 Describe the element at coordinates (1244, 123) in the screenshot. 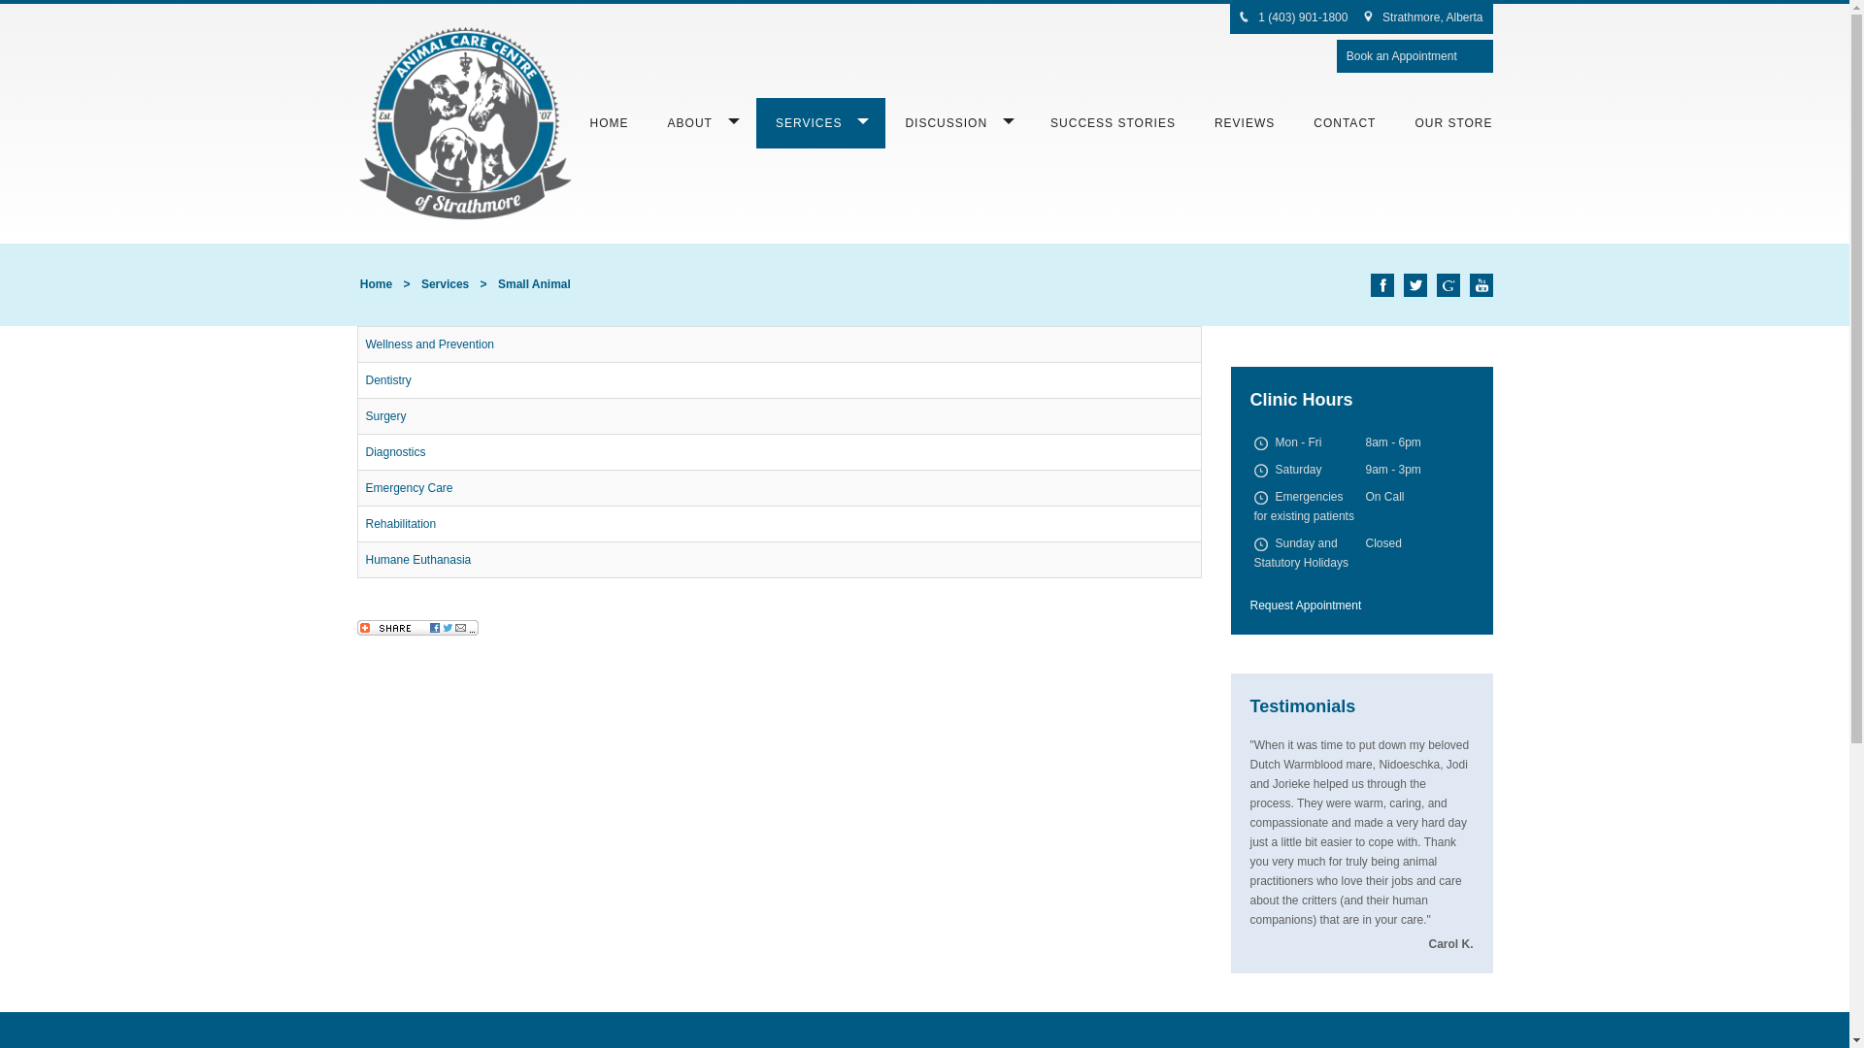

I see `'REVIEWS'` at that location.